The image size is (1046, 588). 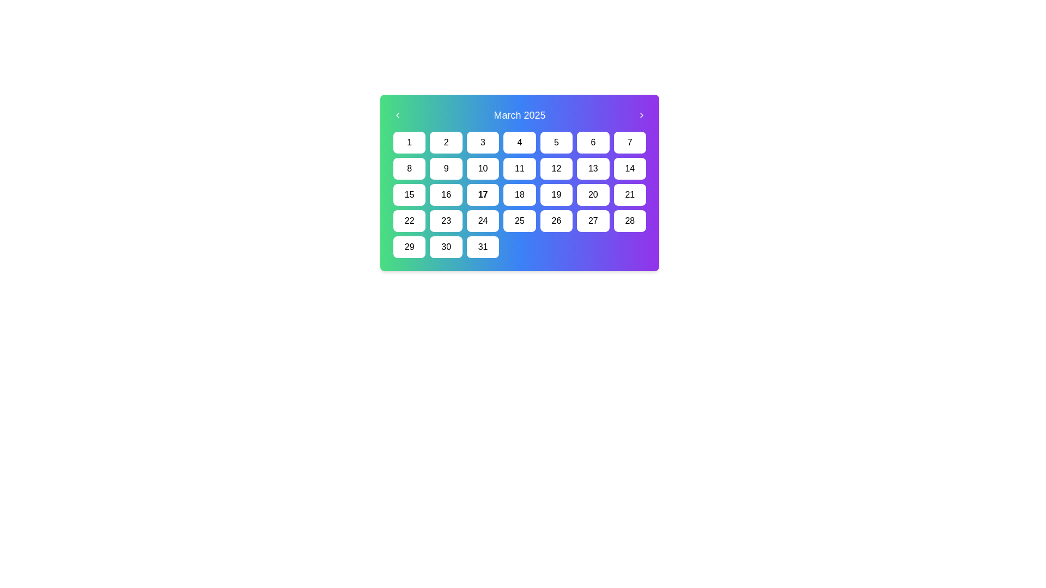 I want to click on the button labeled '7' in the top-right corner of the calendar grid, so click(x=630, y=142).